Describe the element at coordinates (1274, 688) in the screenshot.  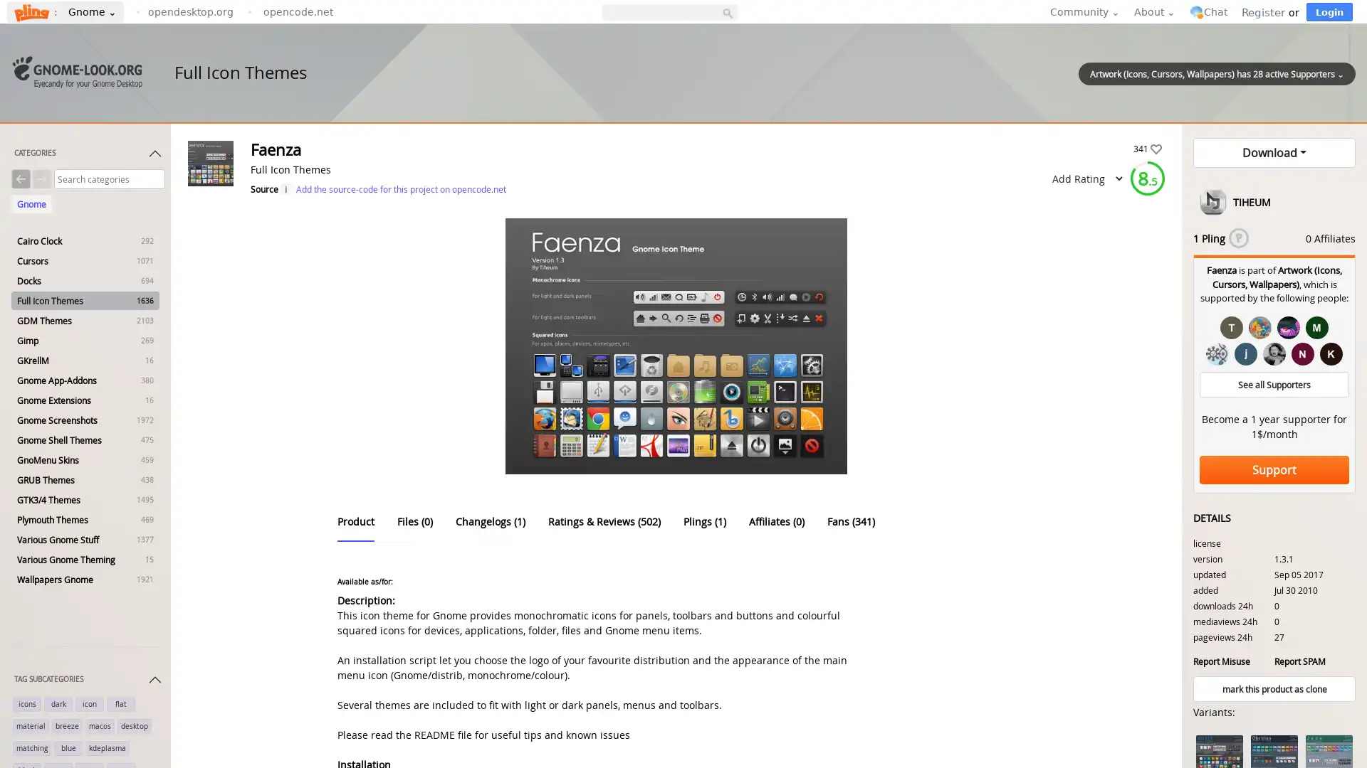
I see `mark this product as clone` at that location.